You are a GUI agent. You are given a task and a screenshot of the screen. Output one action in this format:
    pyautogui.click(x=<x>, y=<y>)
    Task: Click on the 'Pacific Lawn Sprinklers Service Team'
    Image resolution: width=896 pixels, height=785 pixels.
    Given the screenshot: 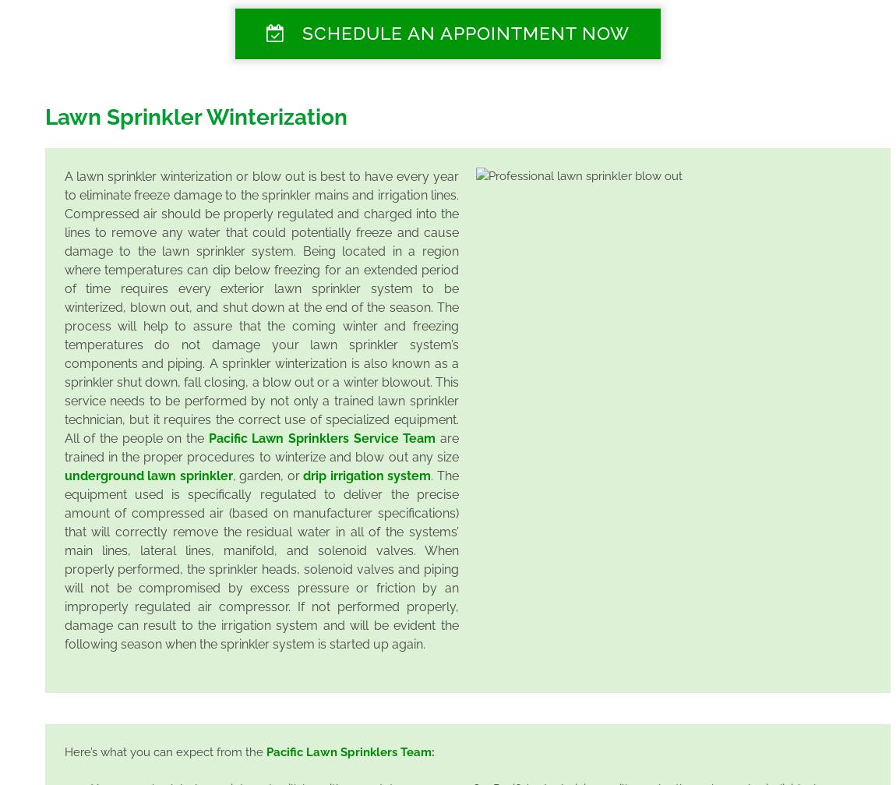 What is the action you would take?
    pyautogui.click(x=207, y=437)
    